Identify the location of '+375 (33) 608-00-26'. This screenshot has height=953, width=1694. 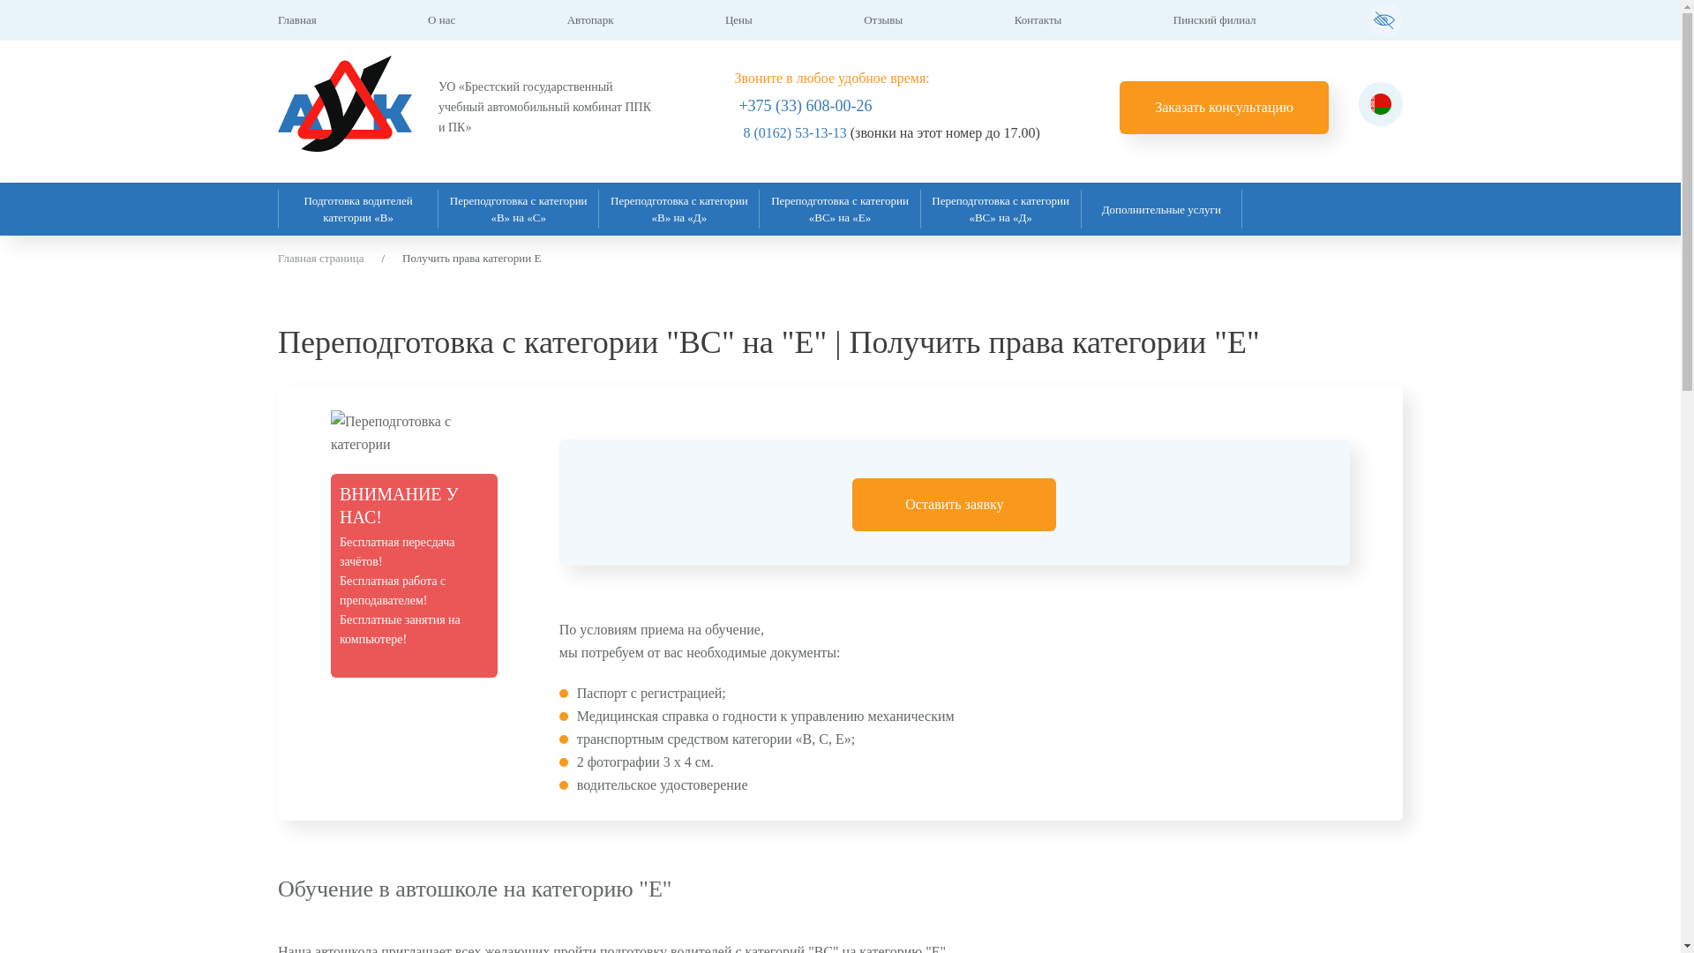
(804, 105).